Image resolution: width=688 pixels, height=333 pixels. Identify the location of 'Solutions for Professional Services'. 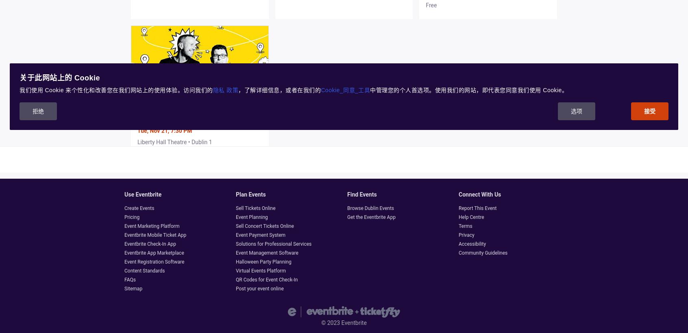
(235, 244).